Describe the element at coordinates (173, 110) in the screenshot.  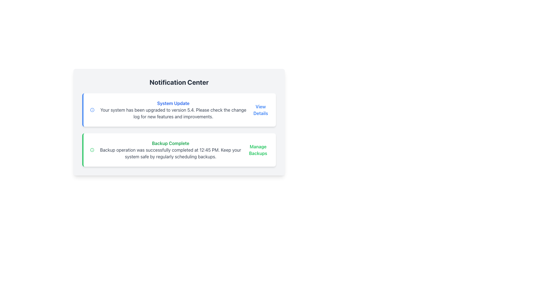
I see `text displayed in the notification card titled 'System Update', which includes details about the system upgrade to version 5.4` at that location.